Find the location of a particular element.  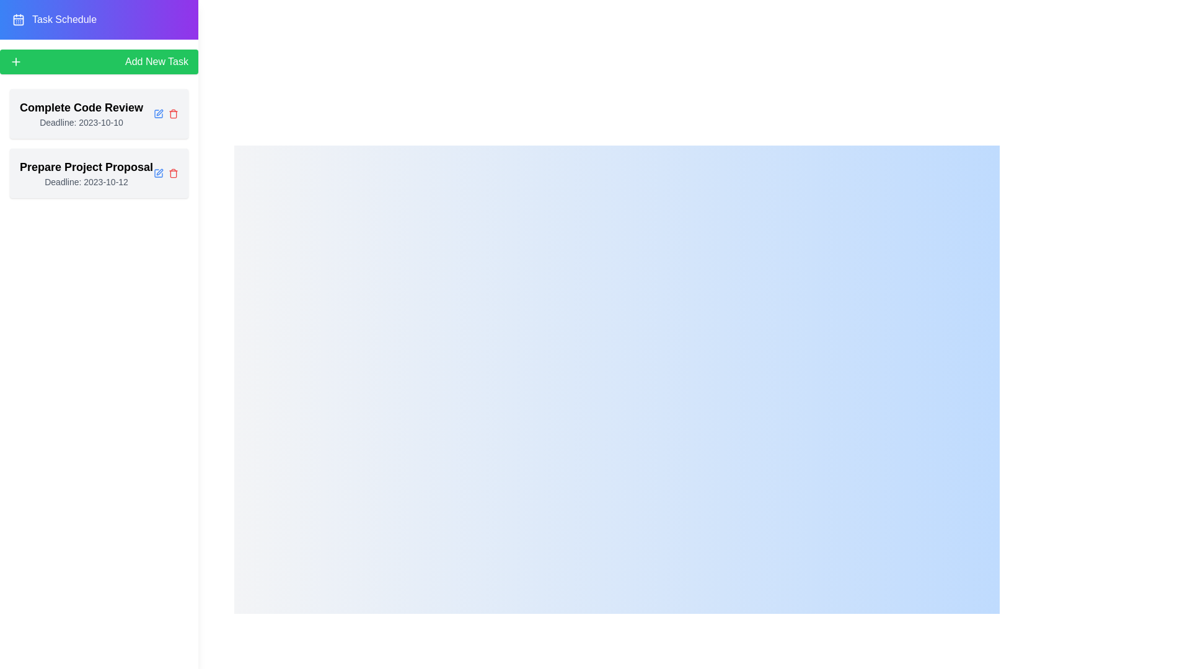

the edit button for the task titled 'Complete Code Review' is located at coordinates (157, 114).